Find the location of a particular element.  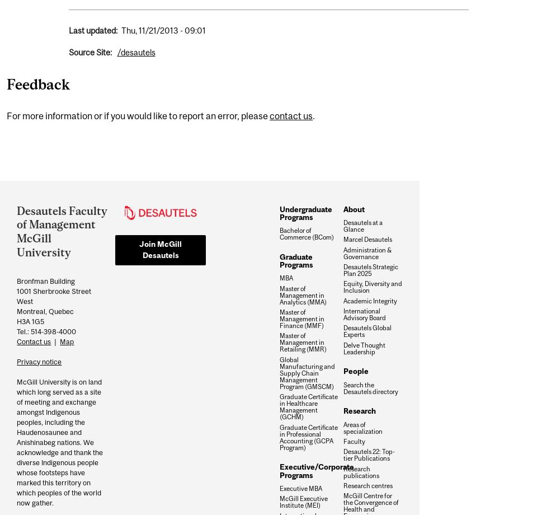

'Equity, Diversity and Inclusion' is located at coordinates (373, 287).